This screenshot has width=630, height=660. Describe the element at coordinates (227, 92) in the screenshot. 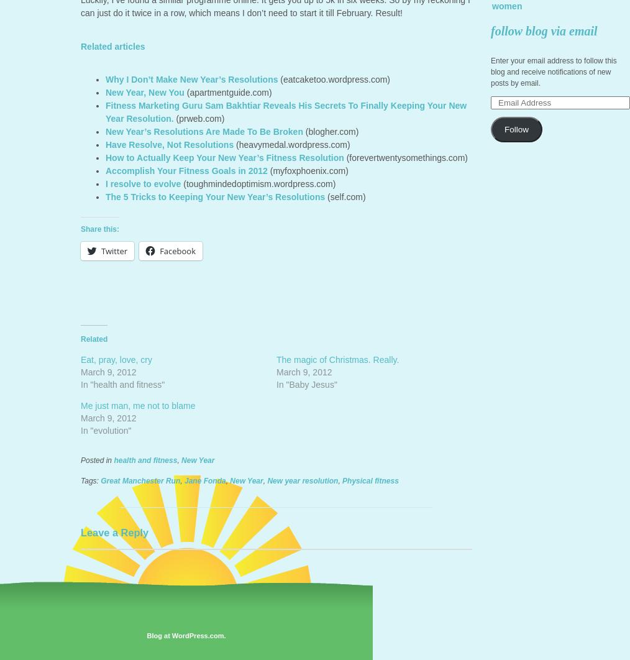

I see `'(apartmentguide.com)'` at that location.